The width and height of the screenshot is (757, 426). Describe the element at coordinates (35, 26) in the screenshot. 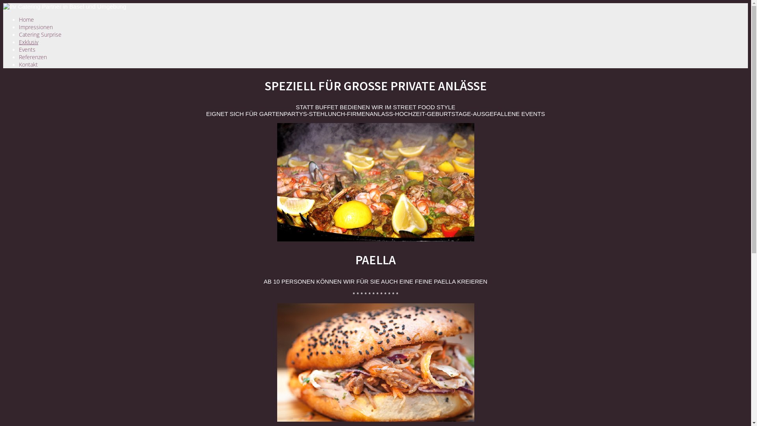

I see `'Impressionen'` at that location.